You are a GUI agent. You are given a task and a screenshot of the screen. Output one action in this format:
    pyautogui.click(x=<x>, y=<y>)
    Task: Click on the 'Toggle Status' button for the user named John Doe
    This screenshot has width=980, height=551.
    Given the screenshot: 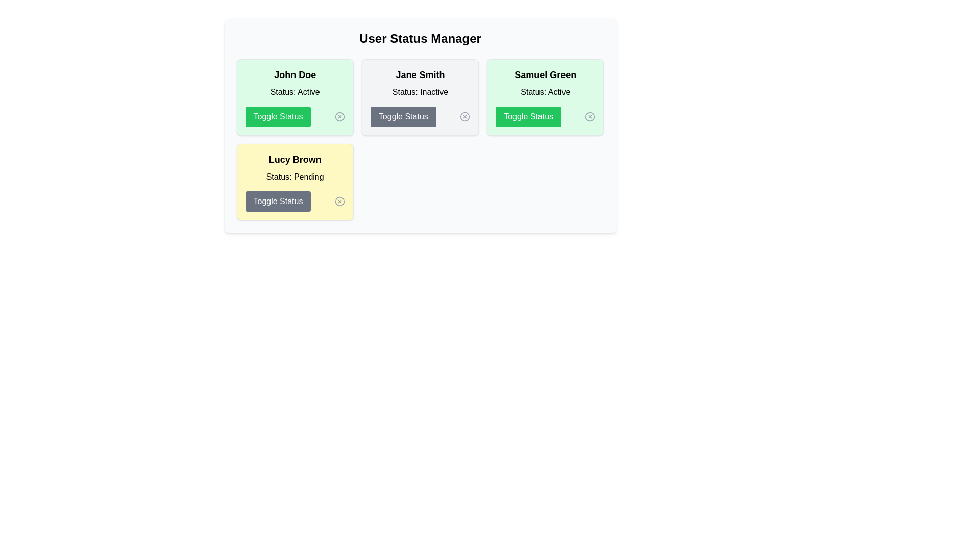 What is the action you would take?
    pyautogui.click(x=278, y=116)
    